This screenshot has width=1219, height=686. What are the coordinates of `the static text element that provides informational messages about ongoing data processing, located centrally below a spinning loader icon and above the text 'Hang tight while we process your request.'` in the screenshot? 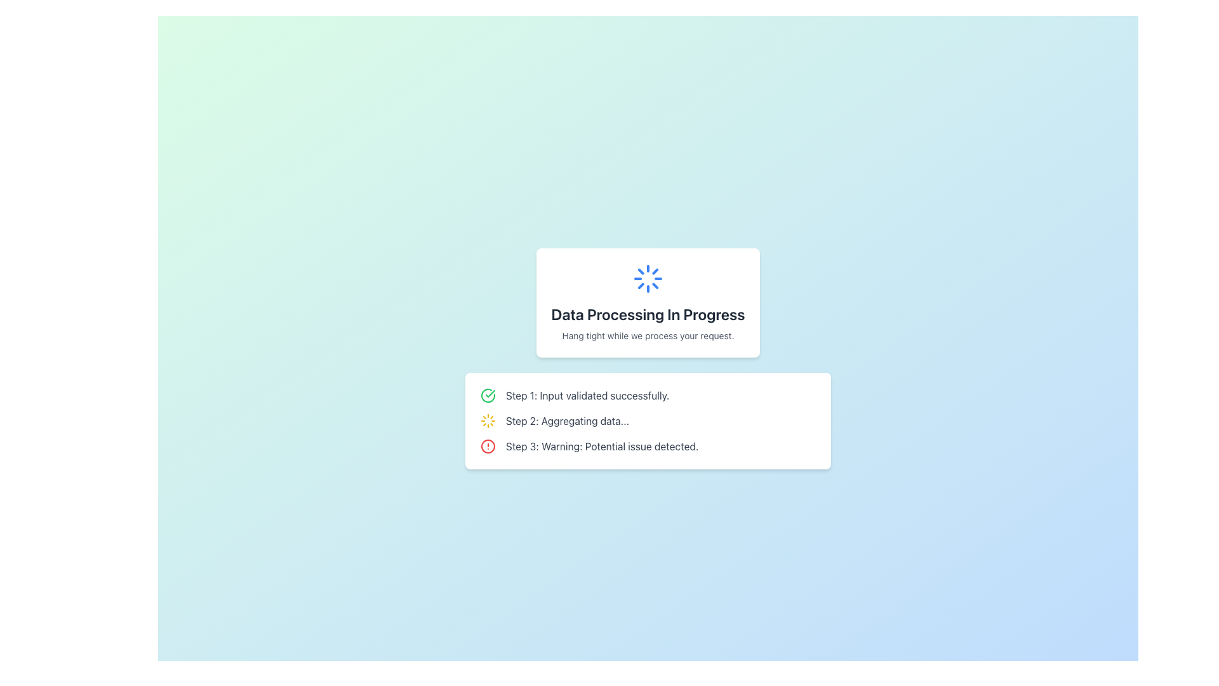 It's located at (648, 314).